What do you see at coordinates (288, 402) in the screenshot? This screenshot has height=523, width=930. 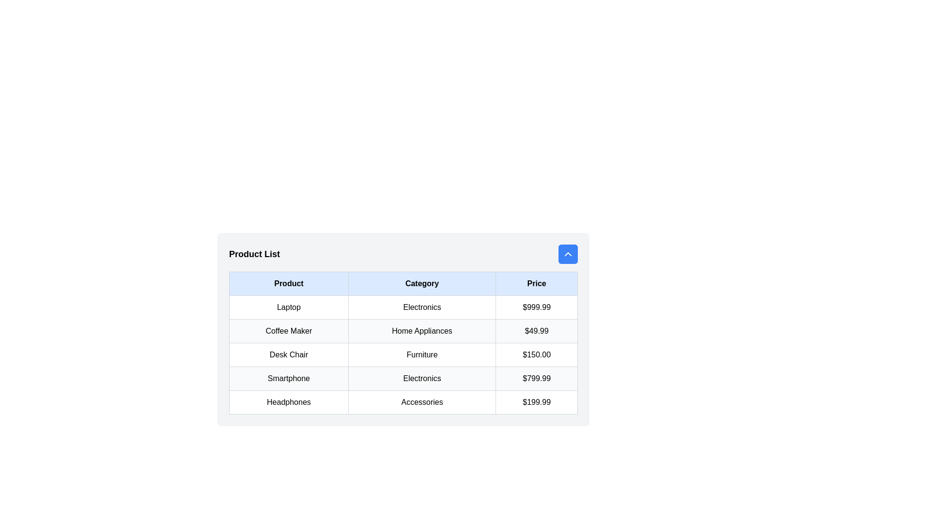 I see `the 'Headphones' text label in the first column of the last row of the product list table for additional details` at bounding box center [288, 402].